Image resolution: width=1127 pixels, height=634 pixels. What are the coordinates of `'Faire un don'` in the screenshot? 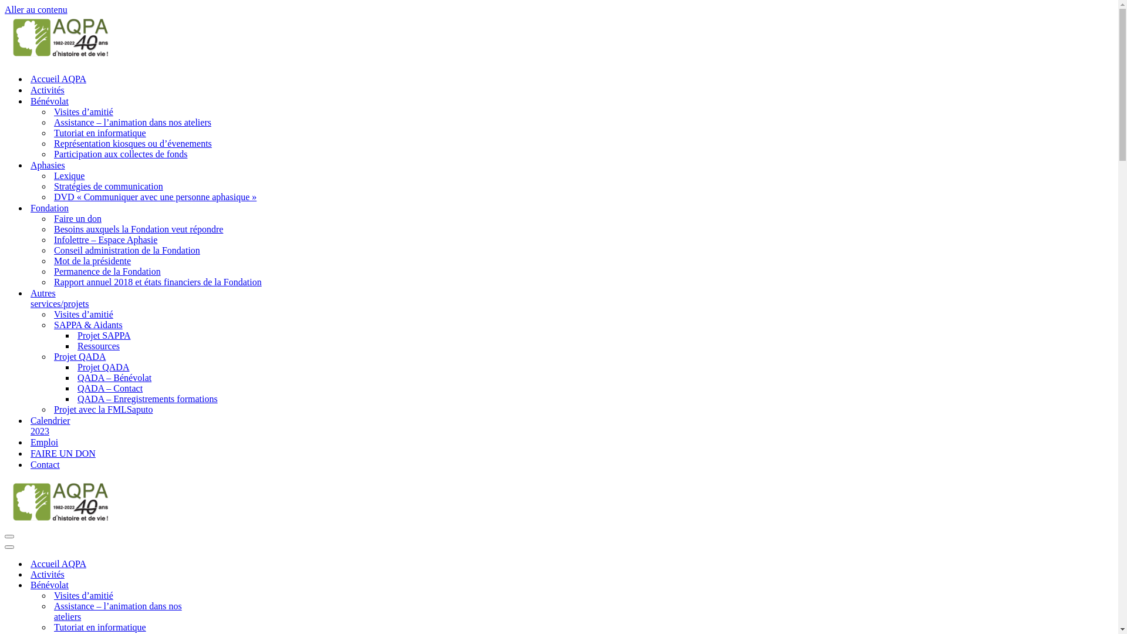 It's located at (77, 219).